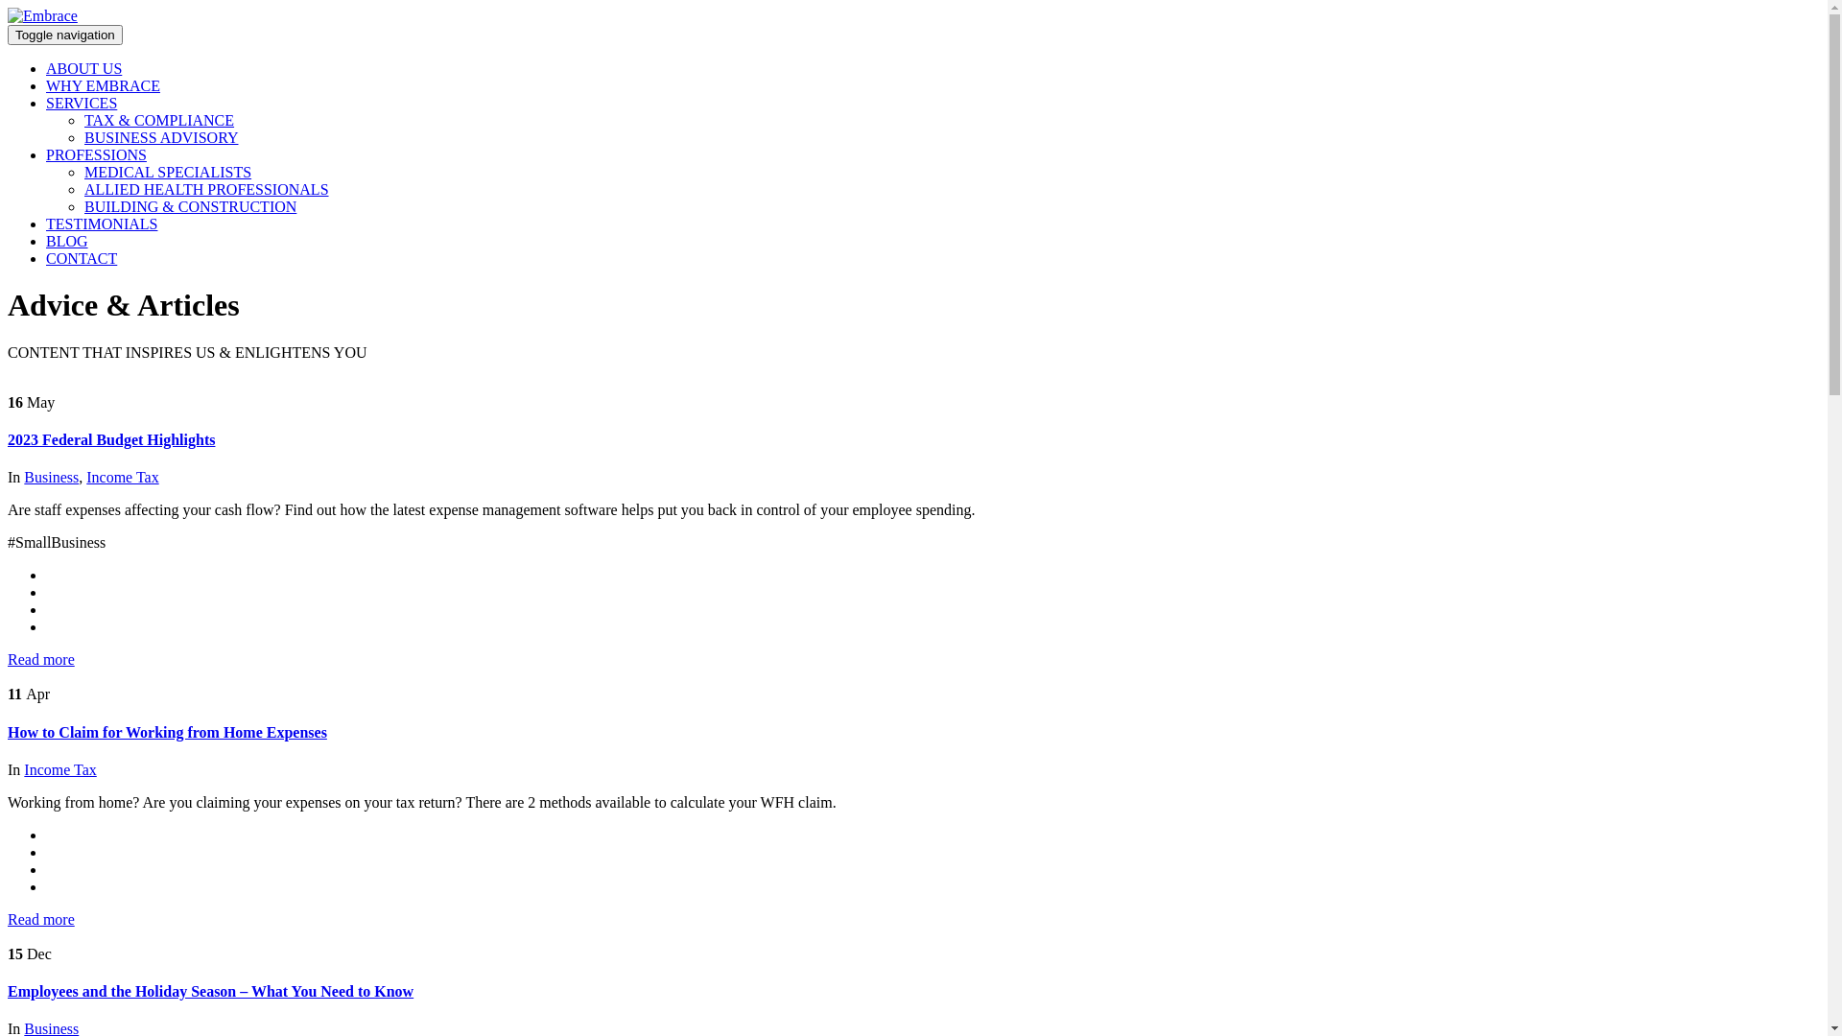 The height and width of the screenshot is (1036, 1842). I want to click on 'Income Tax', so click(121, 476).